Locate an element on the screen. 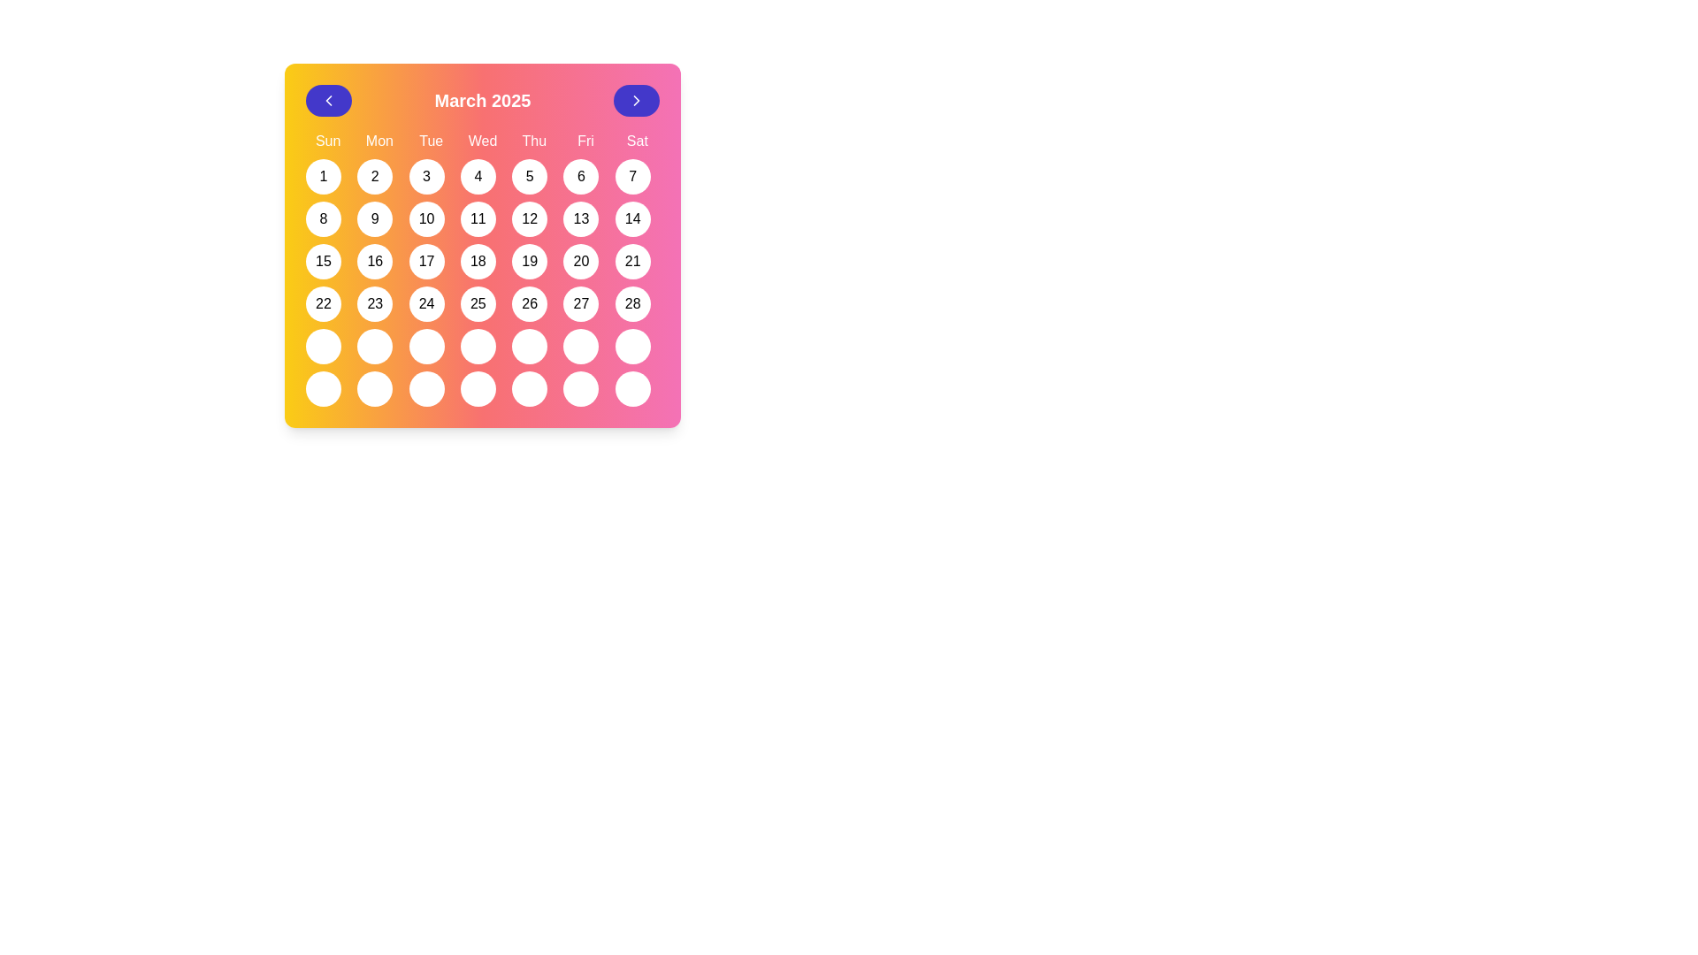  the circular button with a white background and the number '15' in bold black text is located at coordinates (323, 262).